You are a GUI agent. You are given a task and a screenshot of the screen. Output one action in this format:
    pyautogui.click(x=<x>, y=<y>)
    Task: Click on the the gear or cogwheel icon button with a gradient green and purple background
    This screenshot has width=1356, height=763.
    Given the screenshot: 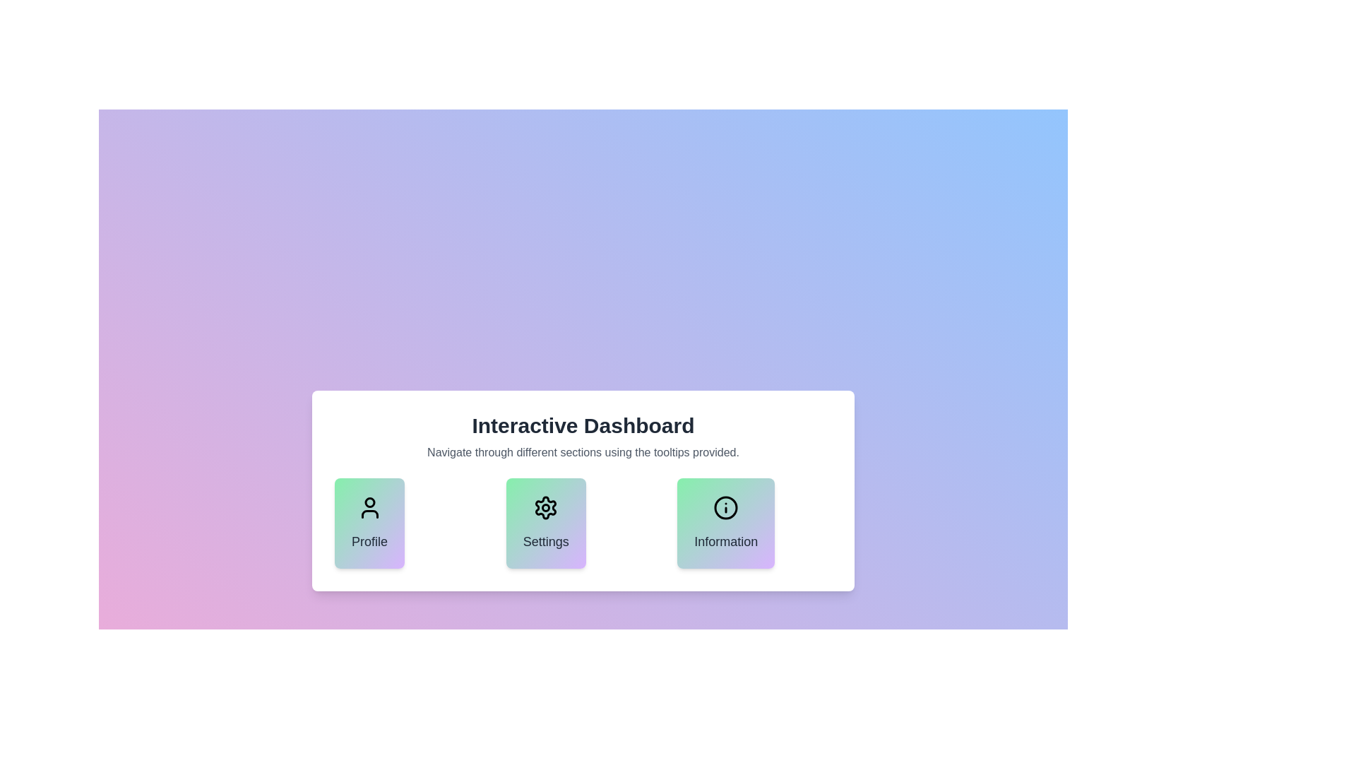 What is the action you would take?
    pyautogui.click(x=545, y=507)
    